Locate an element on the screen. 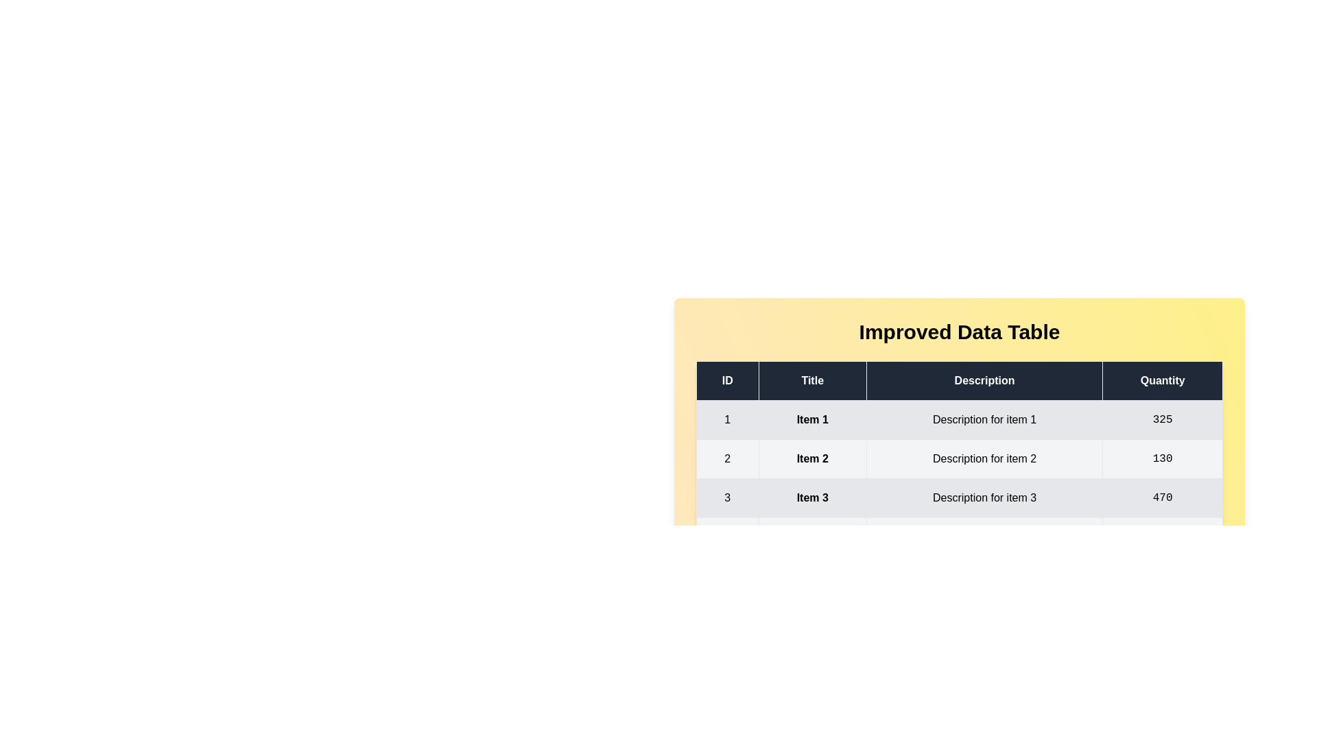  the header of the column Title to sort the table by that column is located at coordinates (812, 380).